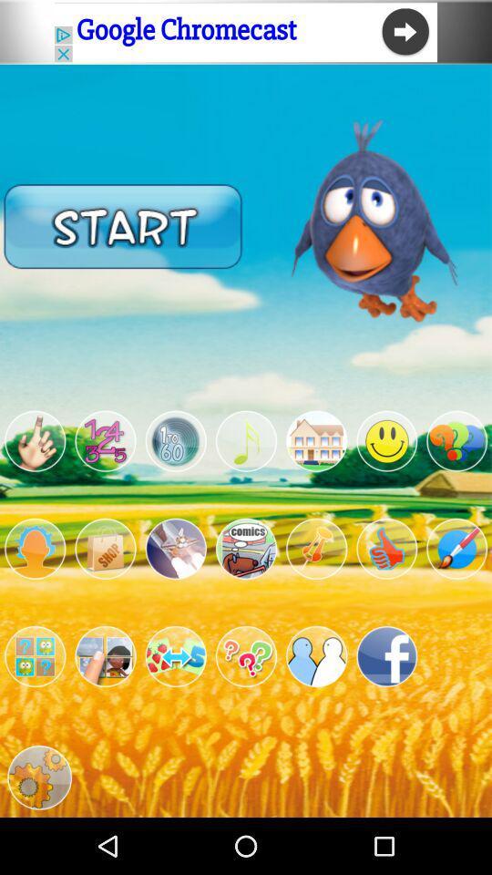 The height and width of the screenshot is (875, 492). What do you see at coordinates (246, 656) in the screenshot?
I see `questions` at bounding box center [246, 656].